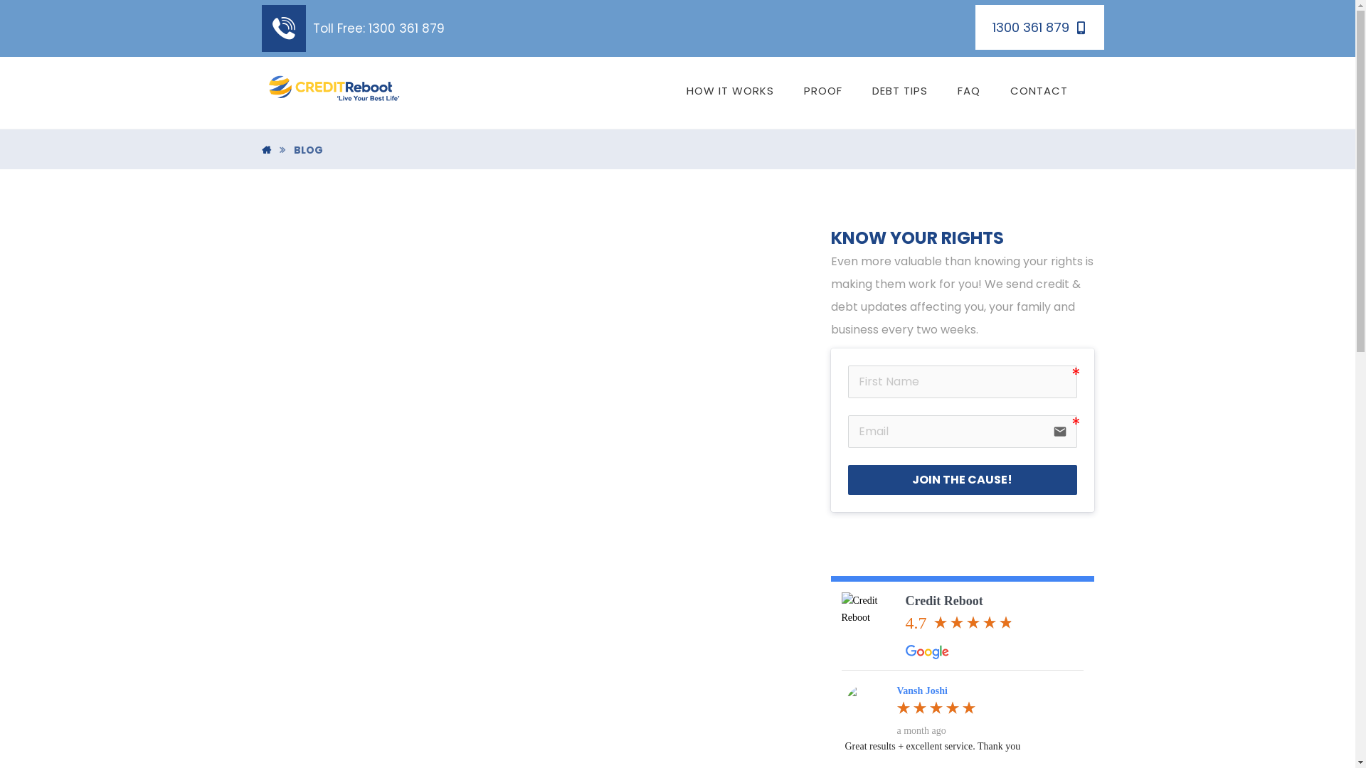 This screenshot has width=1366, height=768. Describe the element at coordinates (1039, 27) in the screenshot. I see `'1300 361 879'` at that location.